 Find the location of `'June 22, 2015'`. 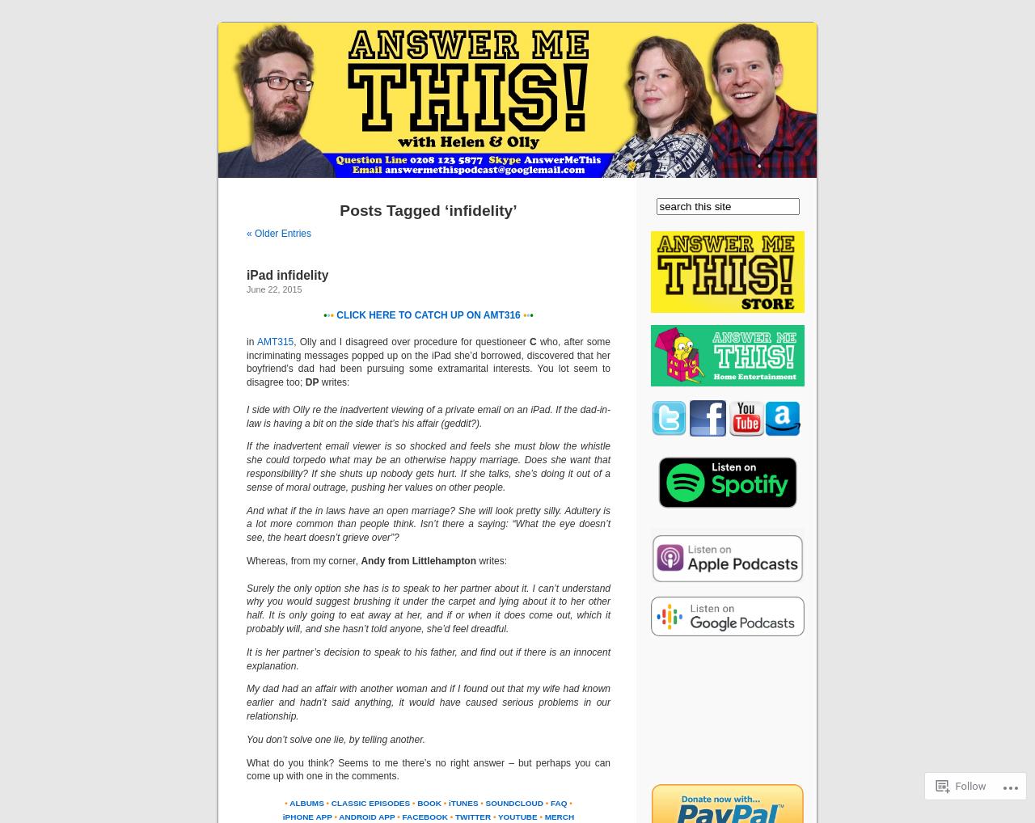

'June 22, 2015' is located at coordinates (273, 289).